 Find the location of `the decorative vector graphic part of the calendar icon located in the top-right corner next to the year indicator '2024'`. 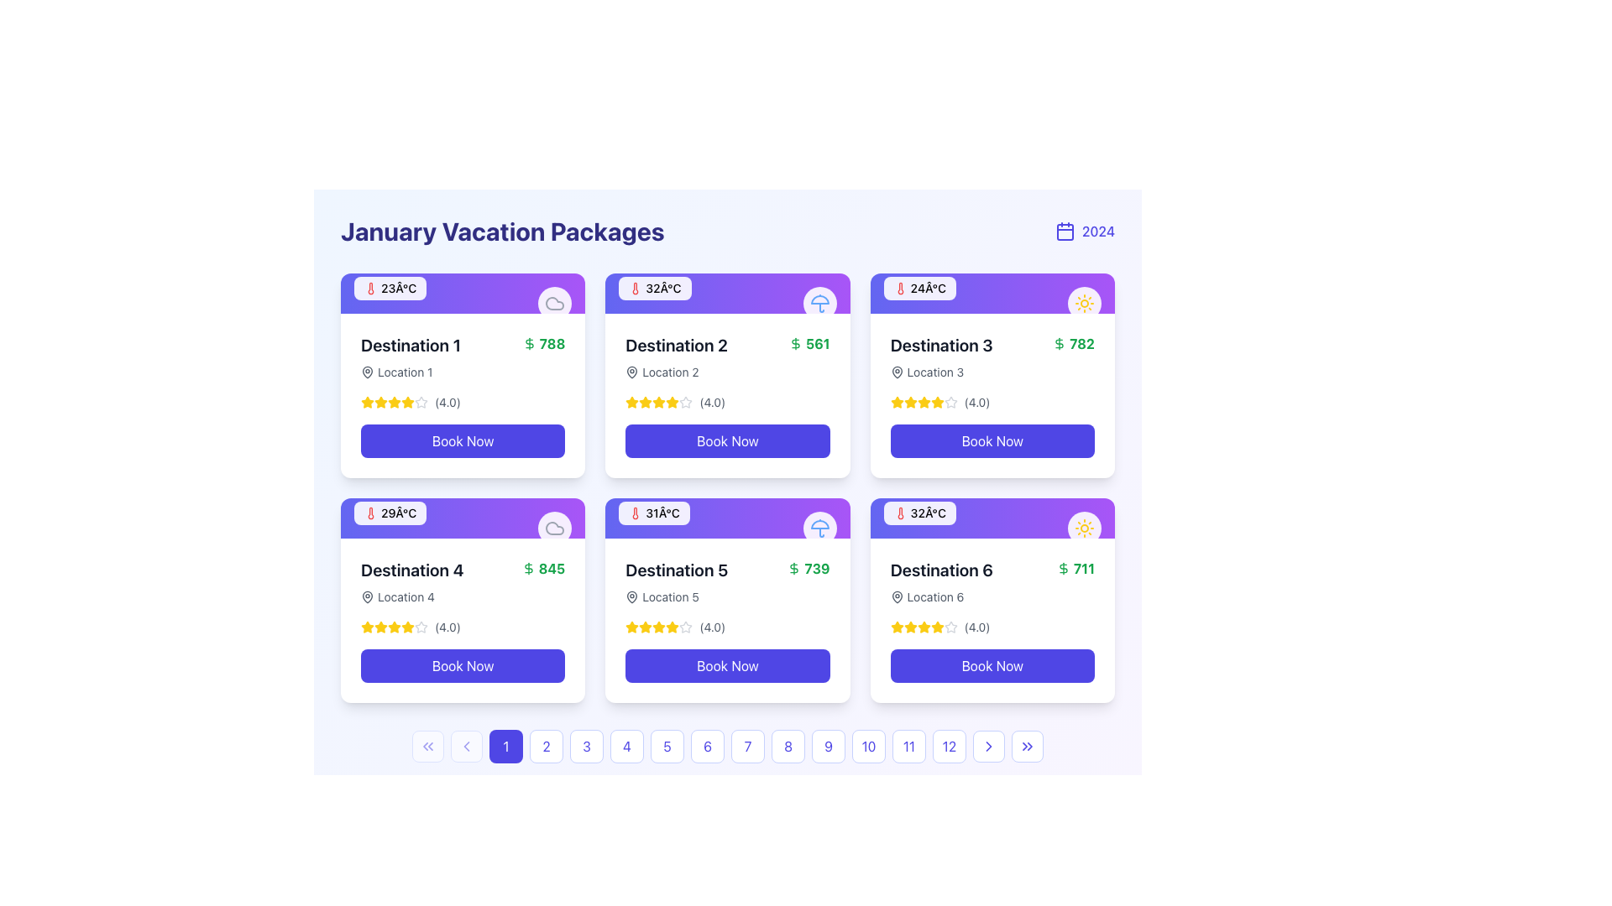

the decorative vector graphic part of the calendar icon located in the top-right corner next to the year indicator '2024' is located at coordinates (1064, 232).